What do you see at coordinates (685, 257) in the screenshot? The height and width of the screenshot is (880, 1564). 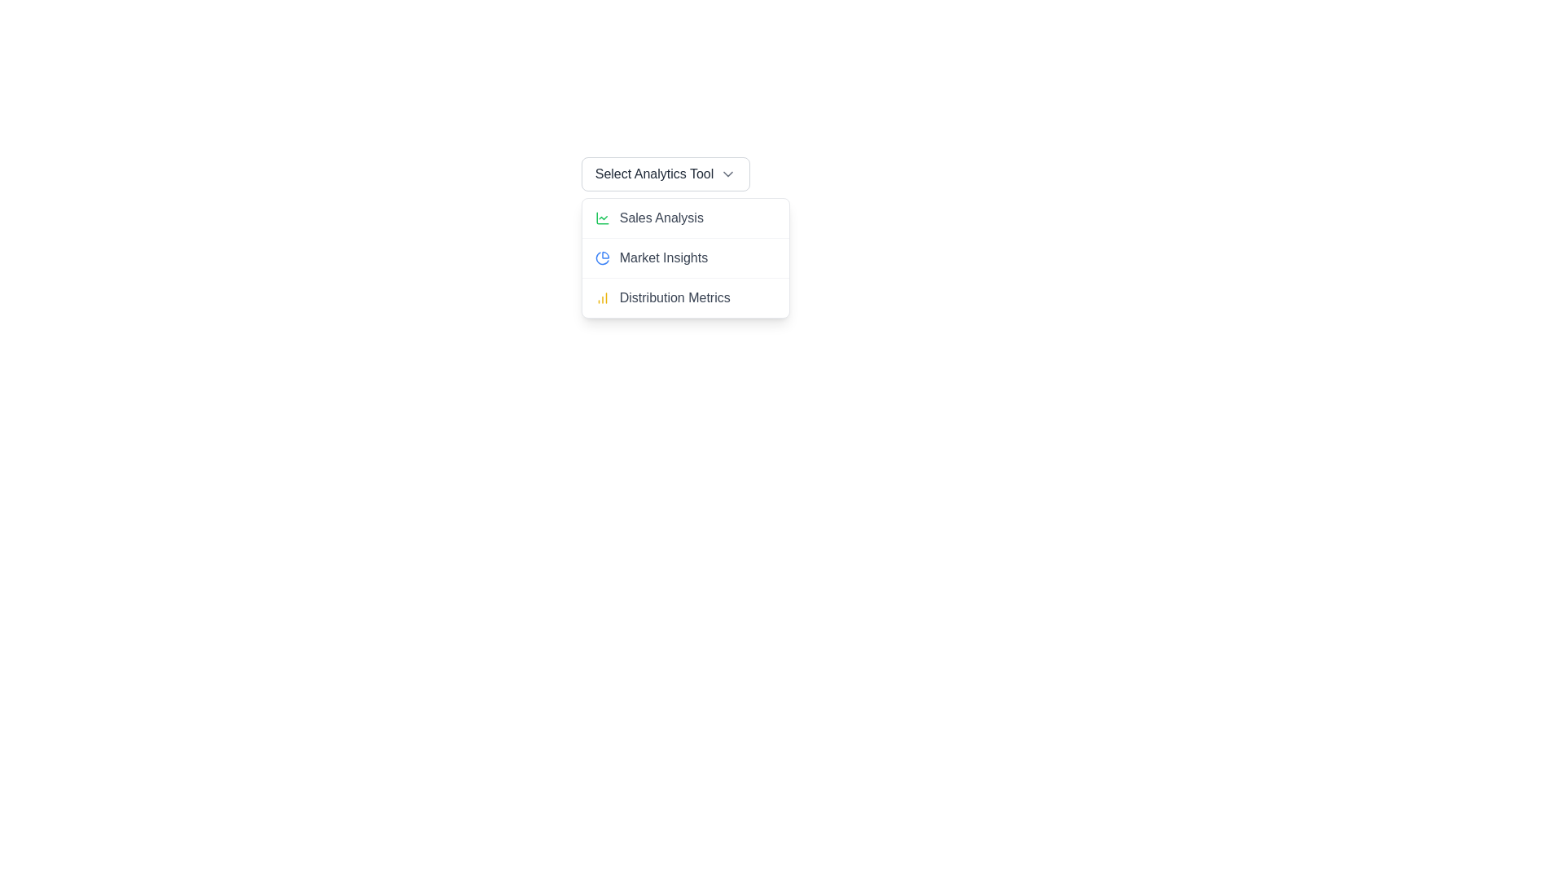 I see `the 'Market Insights' item in the dropdown menu` at bounding box center [685, 257].